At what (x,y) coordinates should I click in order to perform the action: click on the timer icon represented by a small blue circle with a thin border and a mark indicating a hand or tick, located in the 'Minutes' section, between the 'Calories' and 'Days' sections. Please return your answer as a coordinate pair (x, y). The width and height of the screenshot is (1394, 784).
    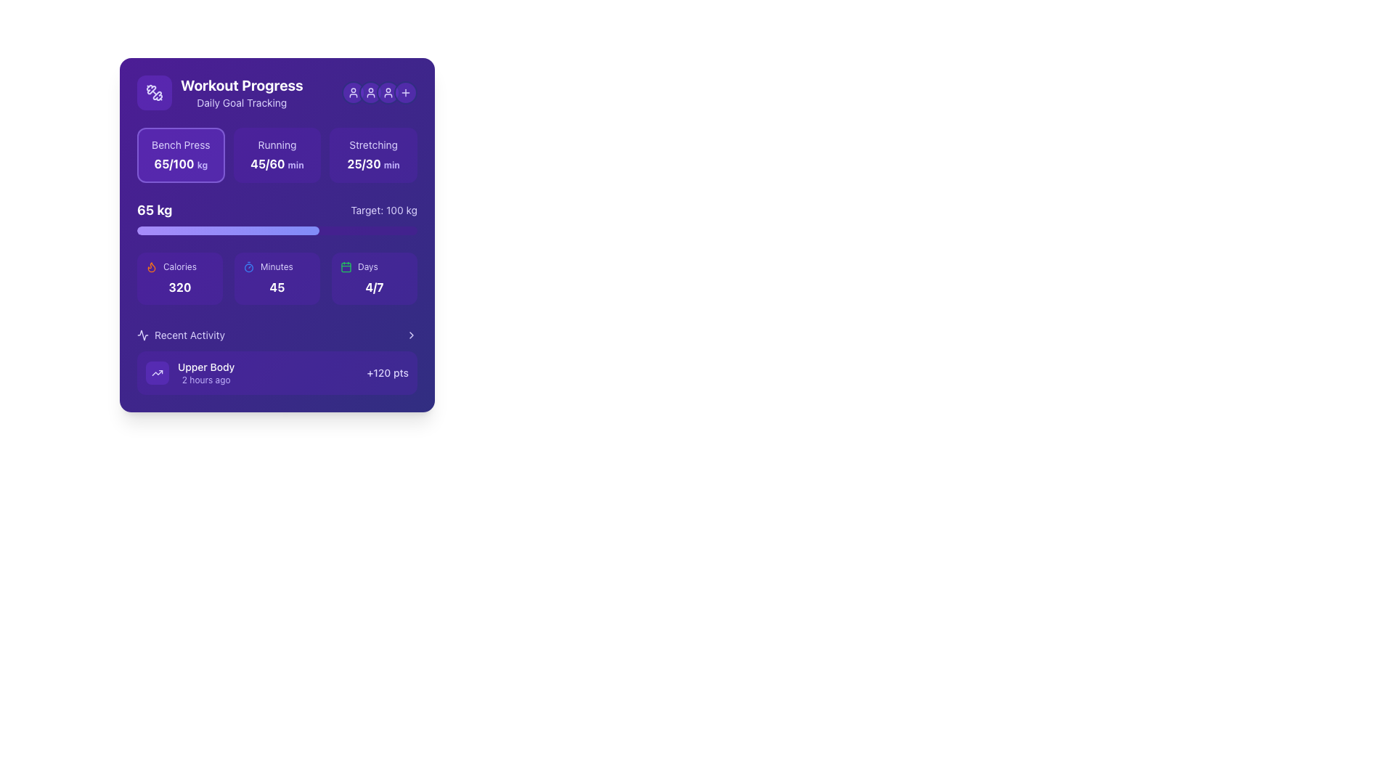
    Looking at the image, I should click on (248, 266).